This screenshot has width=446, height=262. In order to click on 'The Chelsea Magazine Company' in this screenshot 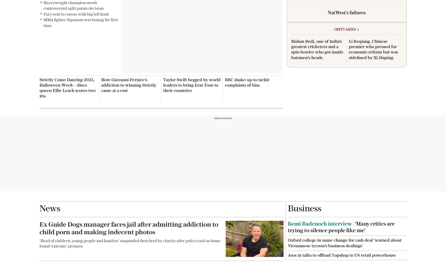, I will do `click(141, 46)`.